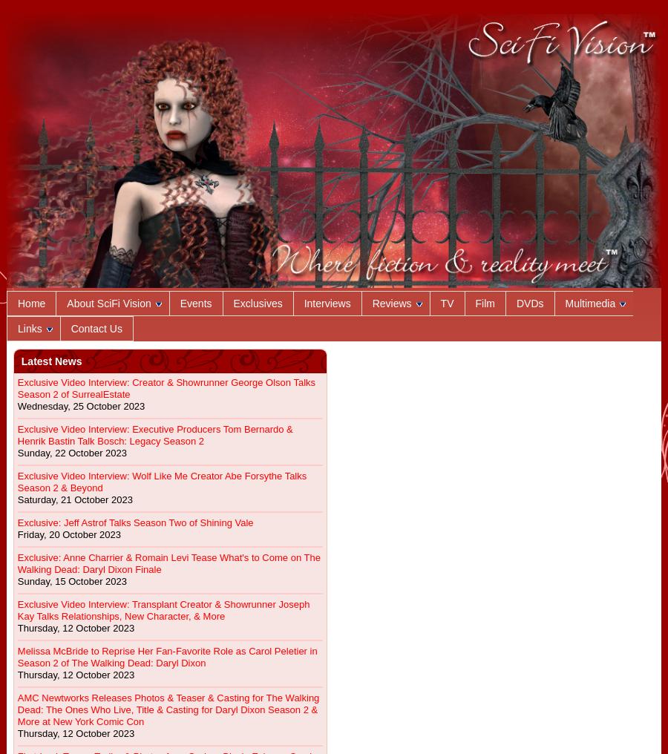 The height and width of the screenshot is (754, 668). What do you see at coordinates (16, 534) in the screenshot?
I see `'Friday, 20 October 2023'` at bounding box center [16, 534].